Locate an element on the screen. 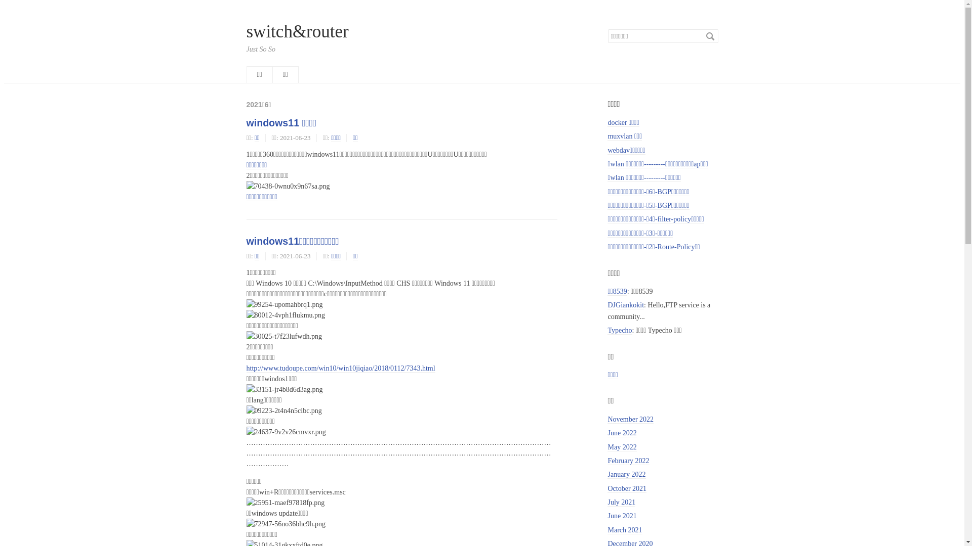  'October 2021' is located at coordinates (607, 488).